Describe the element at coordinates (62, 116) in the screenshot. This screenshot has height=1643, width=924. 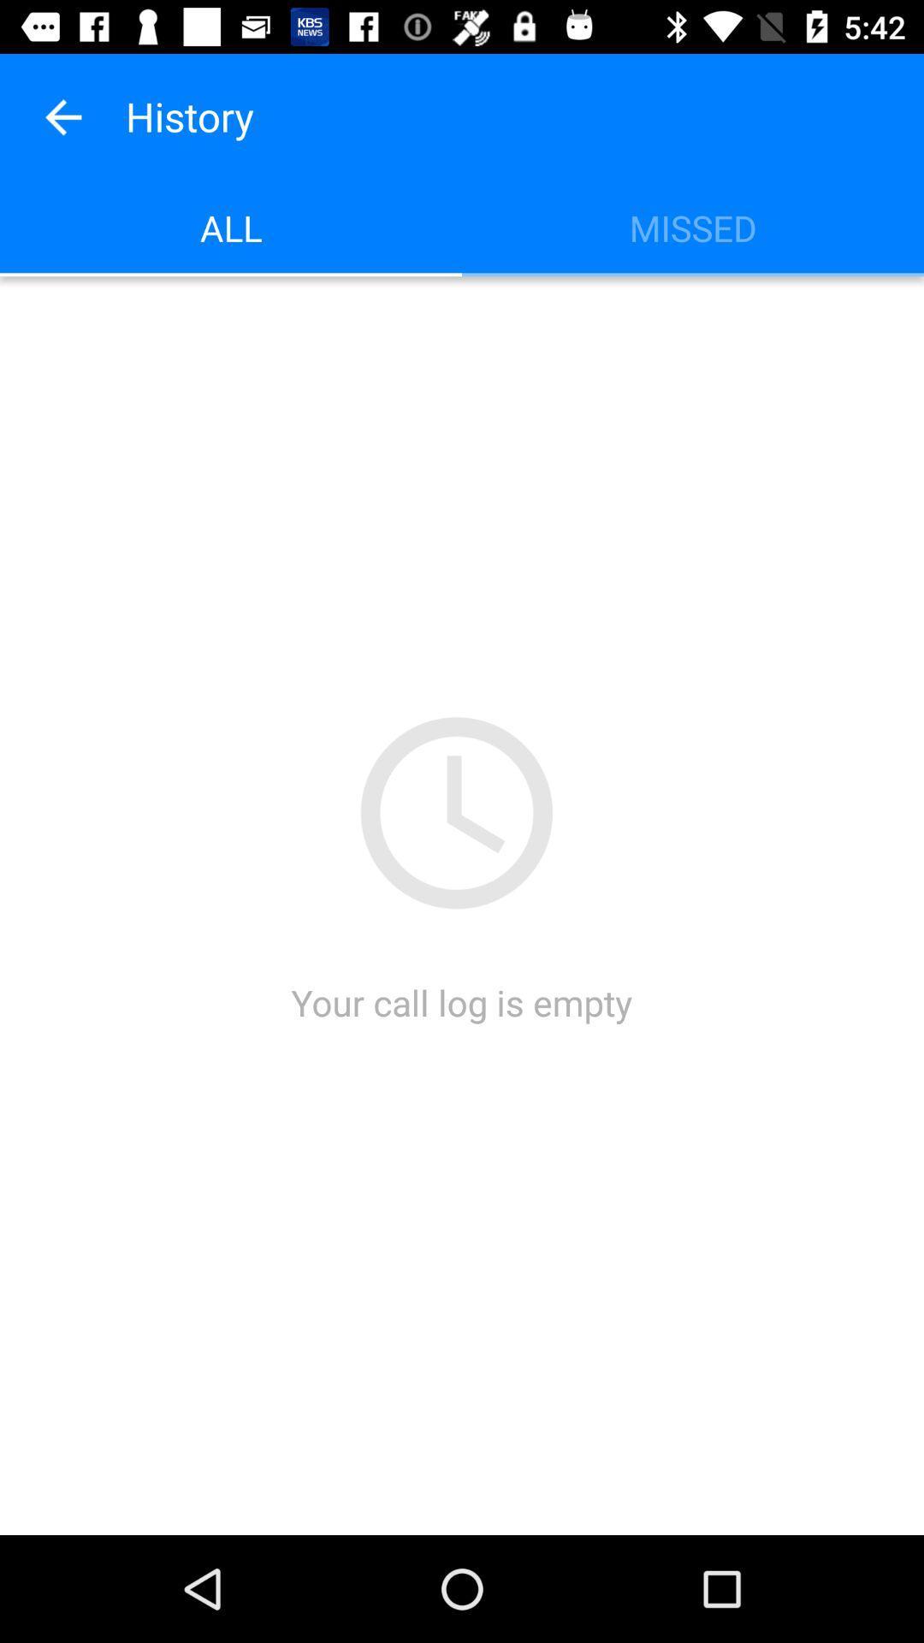
I see `icon next to the history item` at that location.